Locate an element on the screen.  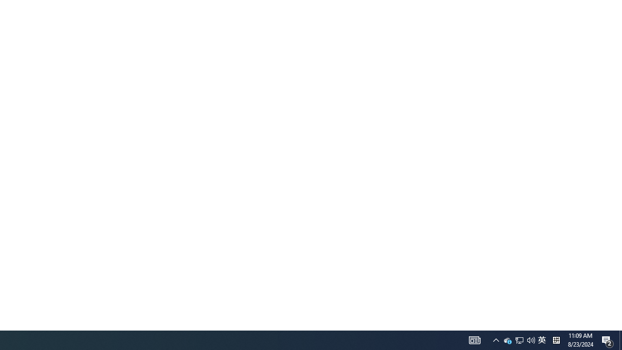
'Q2790: 100%' is located at coordinates (531, 339).